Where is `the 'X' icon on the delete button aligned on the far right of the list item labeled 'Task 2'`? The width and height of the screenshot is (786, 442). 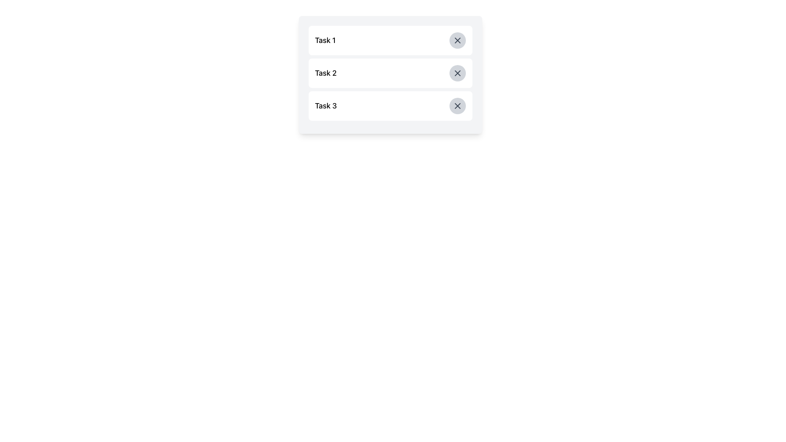 the 'X' icon on the delete button aligned on the far right of the list item labeled 'Task 2' is located at coordinates (457, 72).